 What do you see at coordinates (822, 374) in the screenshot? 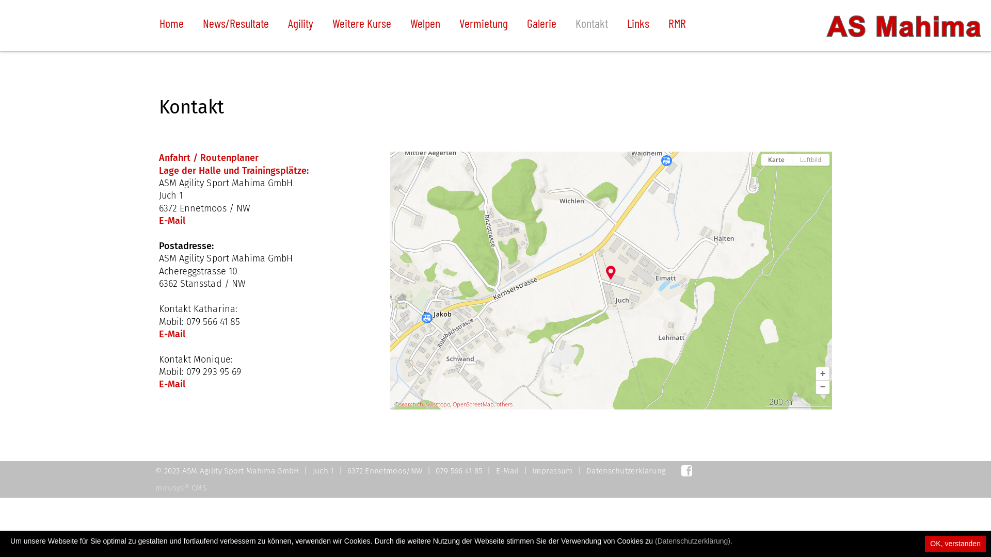
I see `'+'` at bounding box center [822, 374].